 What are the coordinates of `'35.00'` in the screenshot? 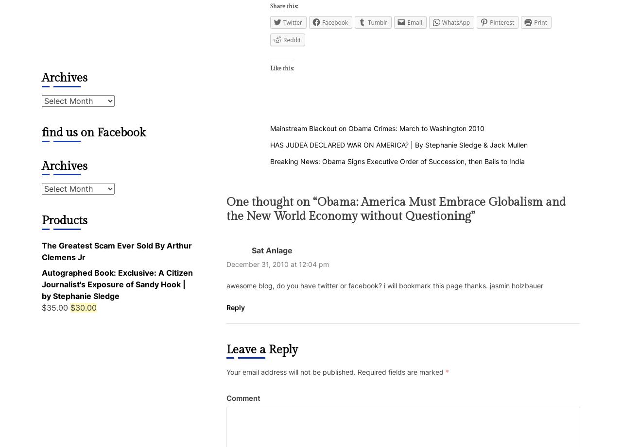 It's located at (57, 308).